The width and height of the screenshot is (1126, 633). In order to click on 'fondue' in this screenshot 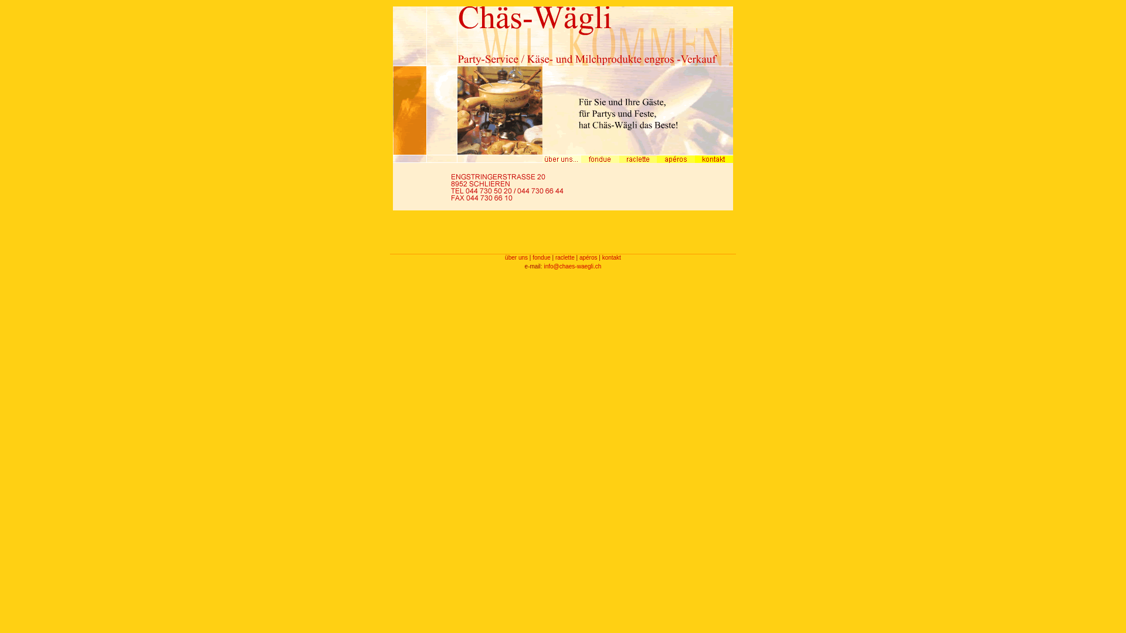, I will do `click(541, 257)`.